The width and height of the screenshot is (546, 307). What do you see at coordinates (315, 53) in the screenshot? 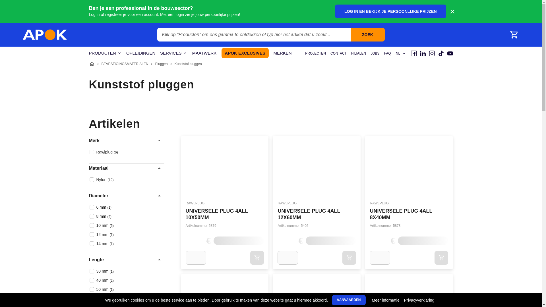
I see `'PROJECTEN'` at bounding box center [315, 53].